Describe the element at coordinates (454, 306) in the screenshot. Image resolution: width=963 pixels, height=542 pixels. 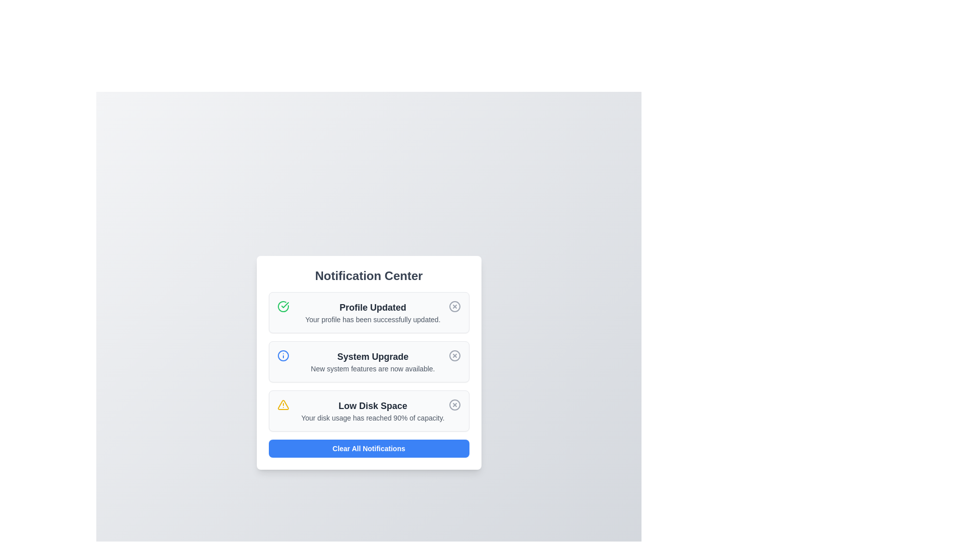
I see `the circular button with an 'X' icon in the top-right corner of the 'Profile Updated' notification card` at that location.